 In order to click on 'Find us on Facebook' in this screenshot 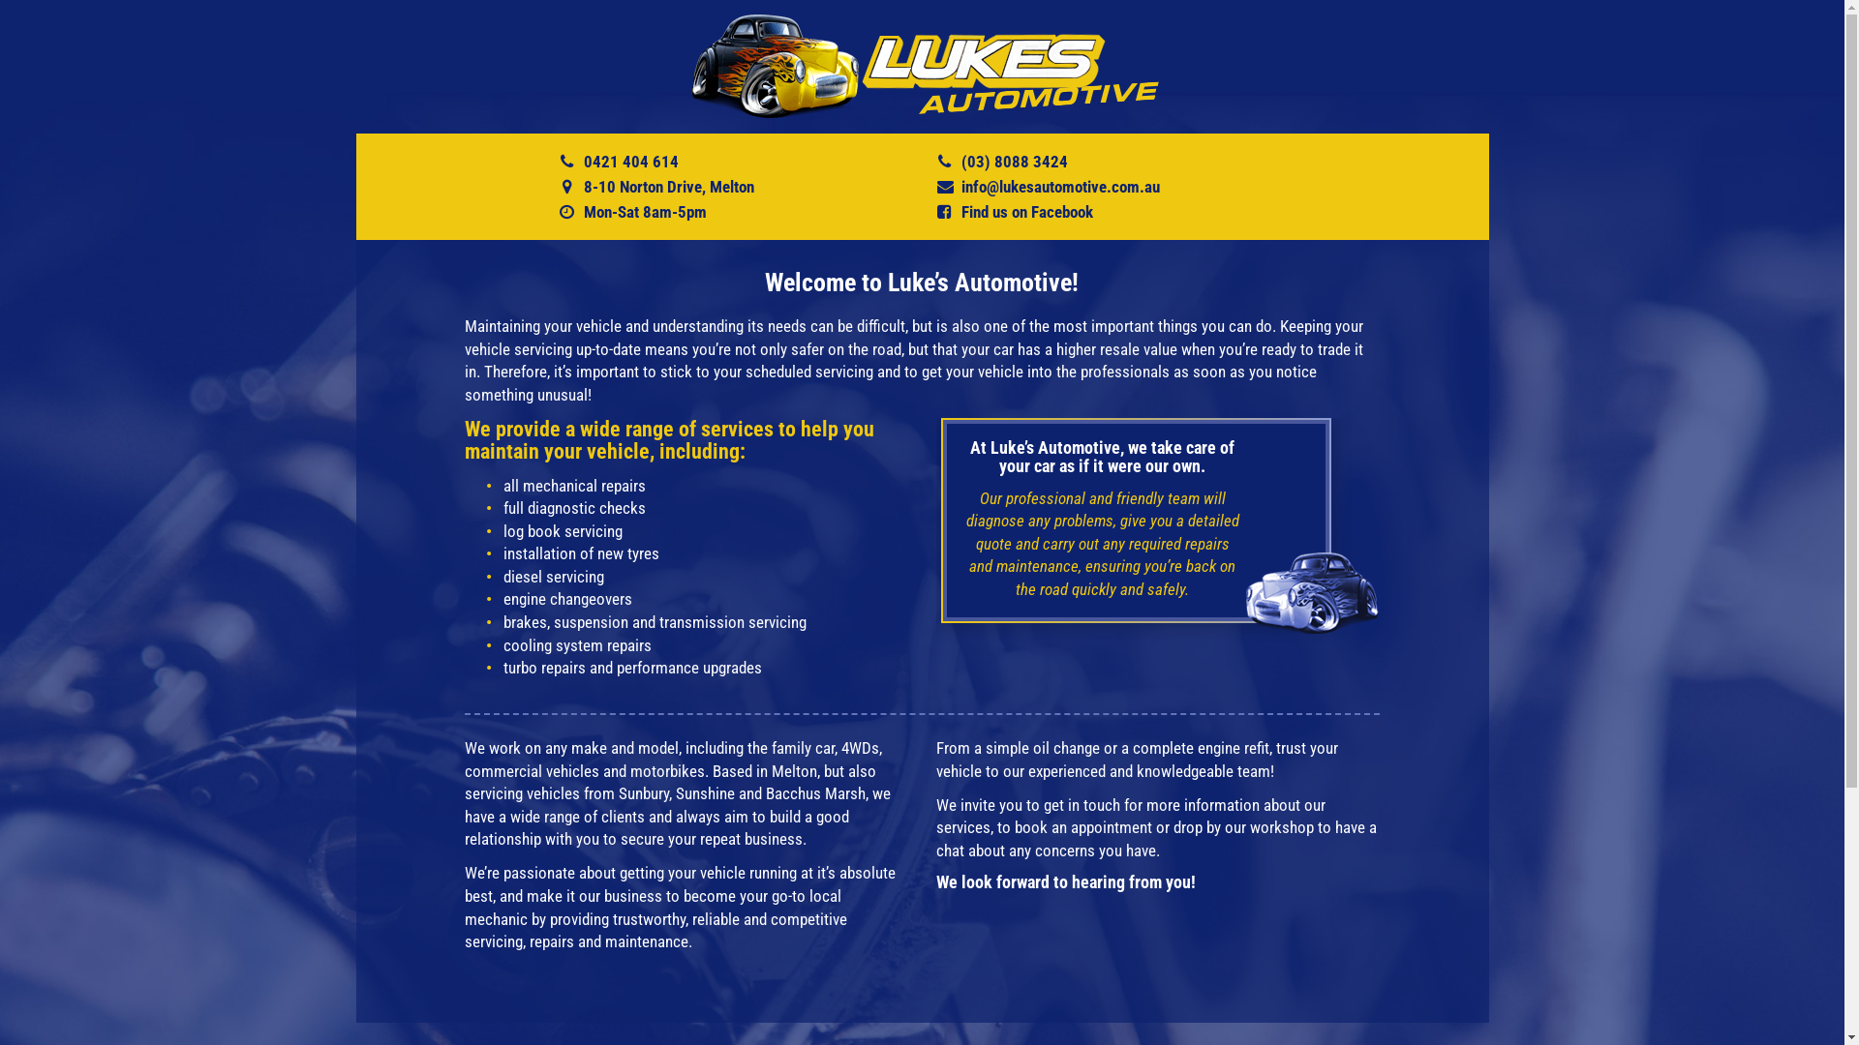, I will do `click(1025, 212)`.